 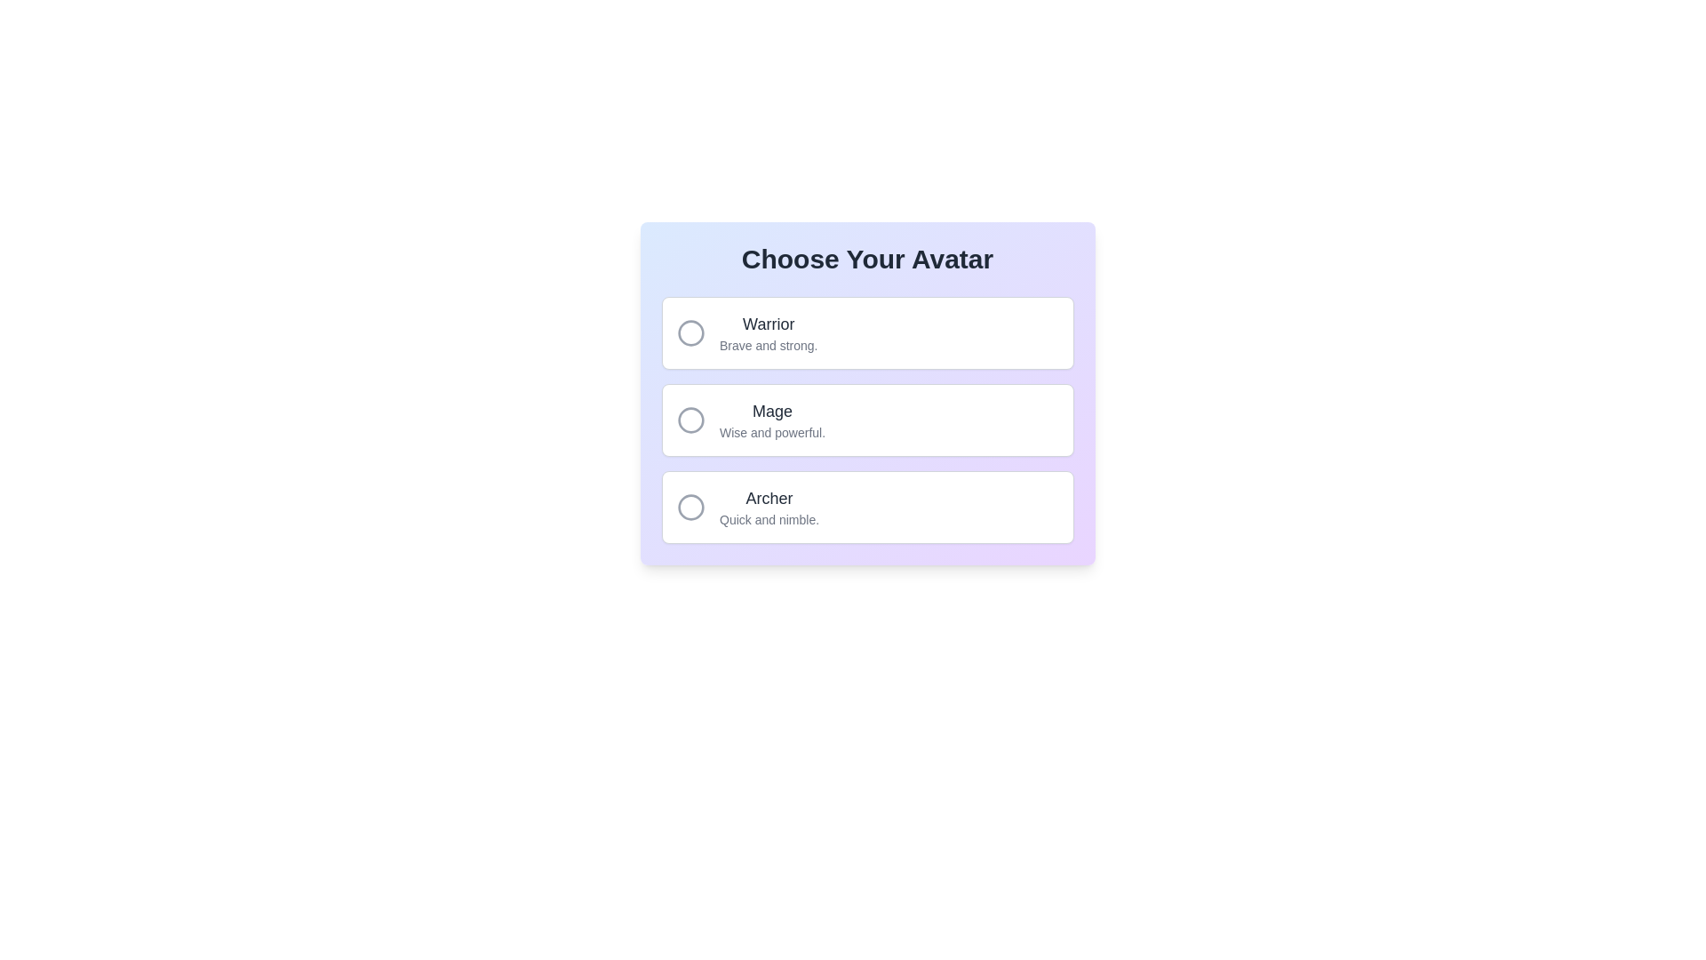 I want to click on the text label displaying 'Brave and strong.' which is styled in a small, light gray font and positioned below 'Warrior' in the first selectable option of the list titled 'Choose Your Avatar.', so click(x=768, y=346).